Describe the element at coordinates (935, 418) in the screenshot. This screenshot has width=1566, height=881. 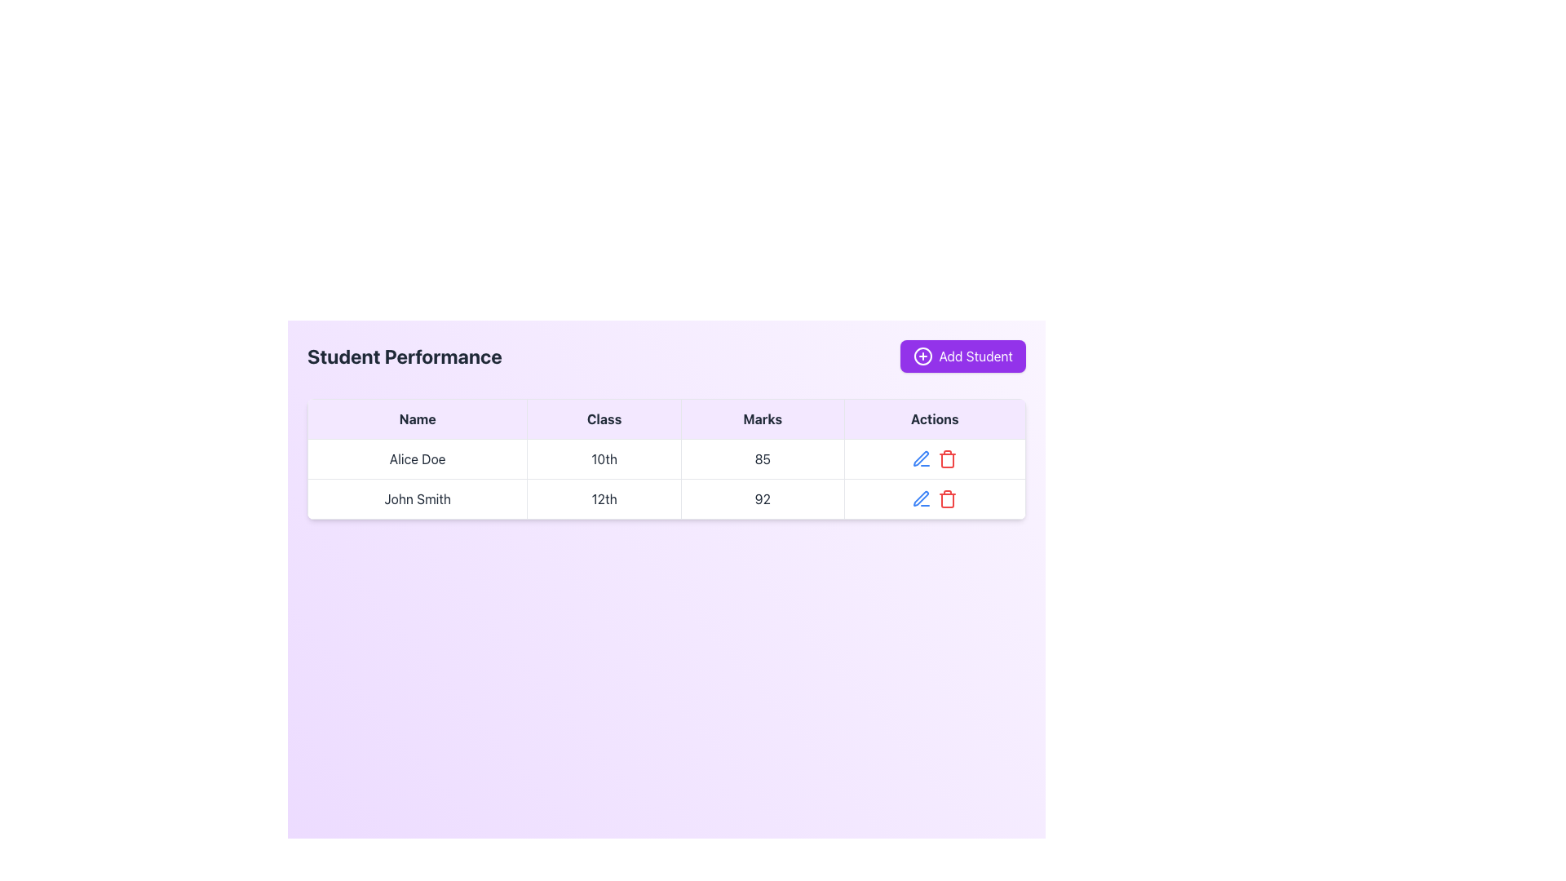
I see `the table header cell that indicates the column containing action buttons, located in the fourth column of the table header` at that location.